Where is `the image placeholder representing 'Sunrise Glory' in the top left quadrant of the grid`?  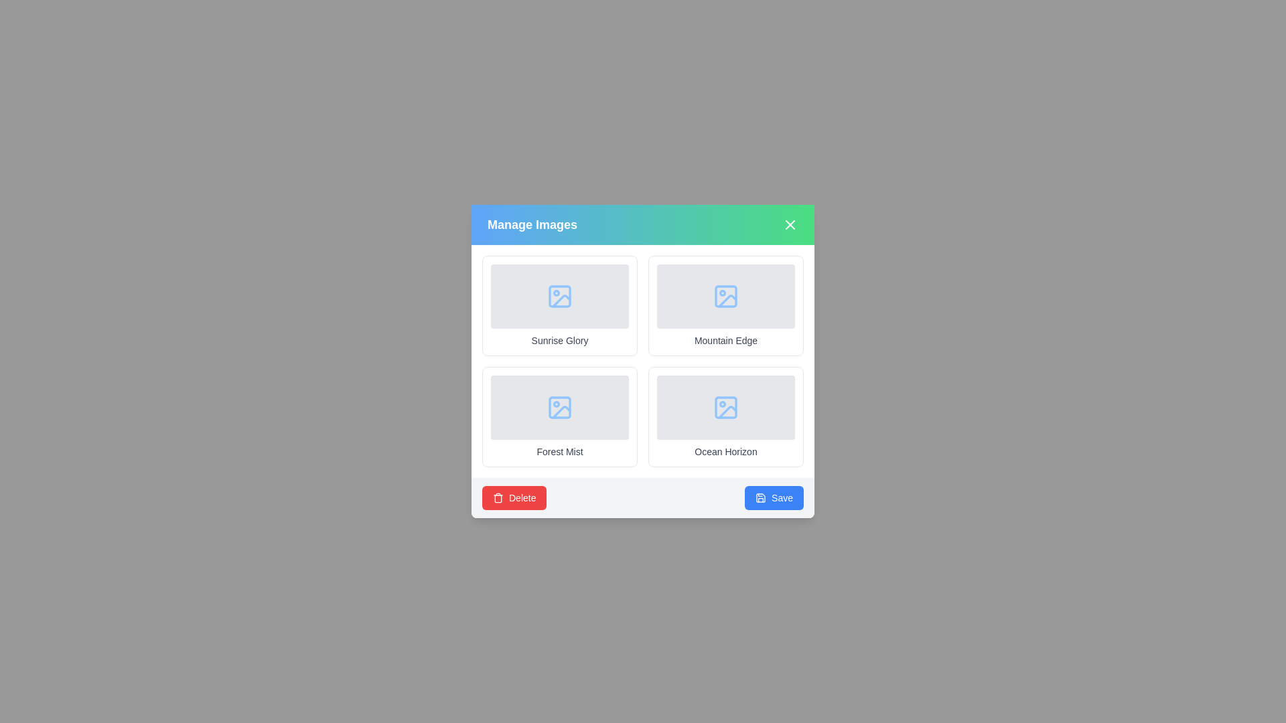
the image placeholder representing 'Sunrise Glory' in the top left quadrant of the grid is located at coordinates (559, 296).